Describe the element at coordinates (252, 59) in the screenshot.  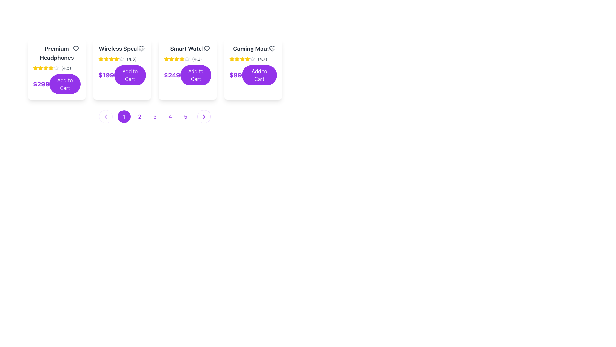
I see `the star-shaped icon representing a rating of 4.7 stars in the rating section of the 'Gaming Mouse' card` at that location.